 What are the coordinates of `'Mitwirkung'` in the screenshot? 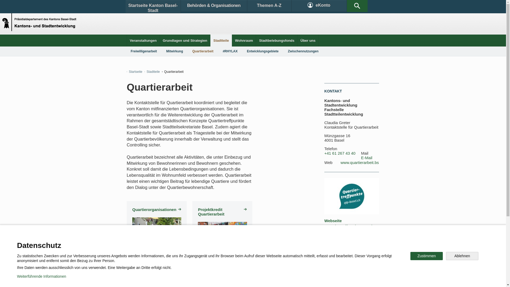 It's located at (175, 51).